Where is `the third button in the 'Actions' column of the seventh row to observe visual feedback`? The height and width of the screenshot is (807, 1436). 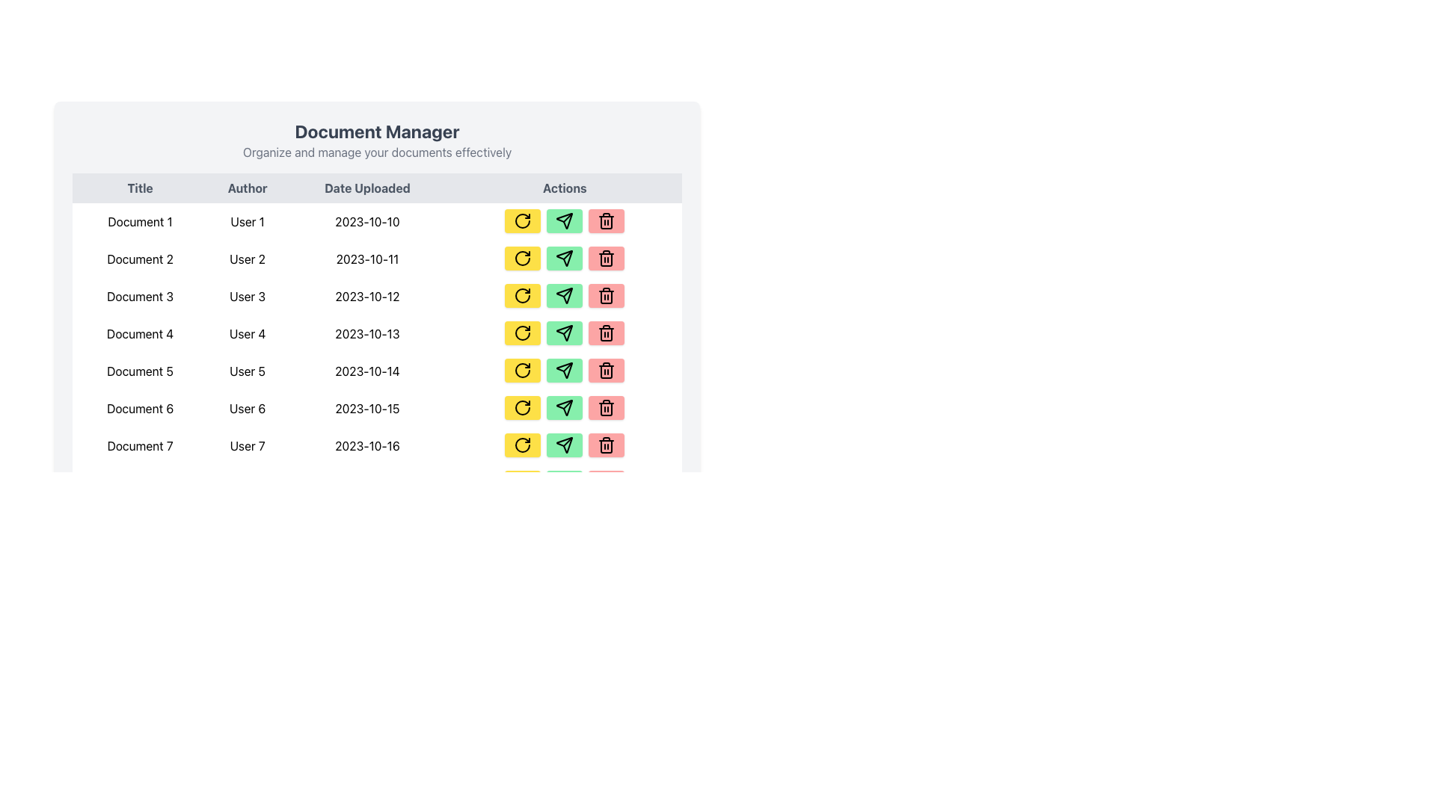 the third button in the 'Actions' column of the seventh row to observe visual feedback is located at coordinates (607, 445).